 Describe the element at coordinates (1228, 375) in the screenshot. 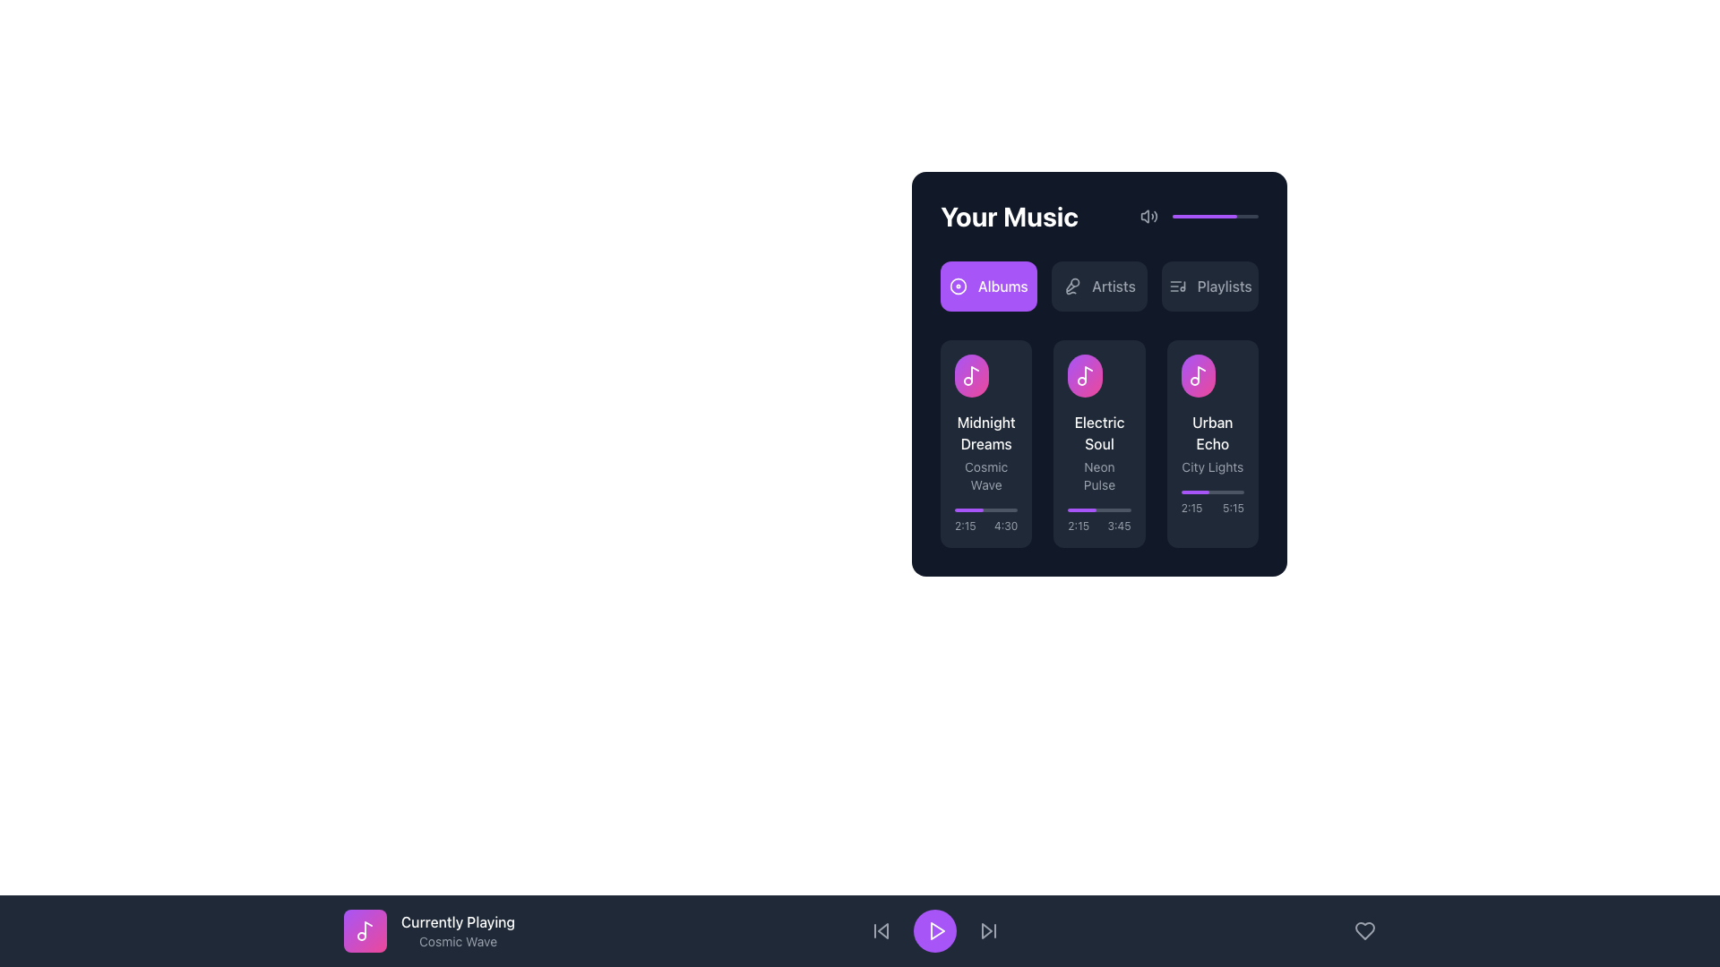

I see `the play button located at the bottom-right corner of the 'Urban Echo' card to play the associated music track` at that location.